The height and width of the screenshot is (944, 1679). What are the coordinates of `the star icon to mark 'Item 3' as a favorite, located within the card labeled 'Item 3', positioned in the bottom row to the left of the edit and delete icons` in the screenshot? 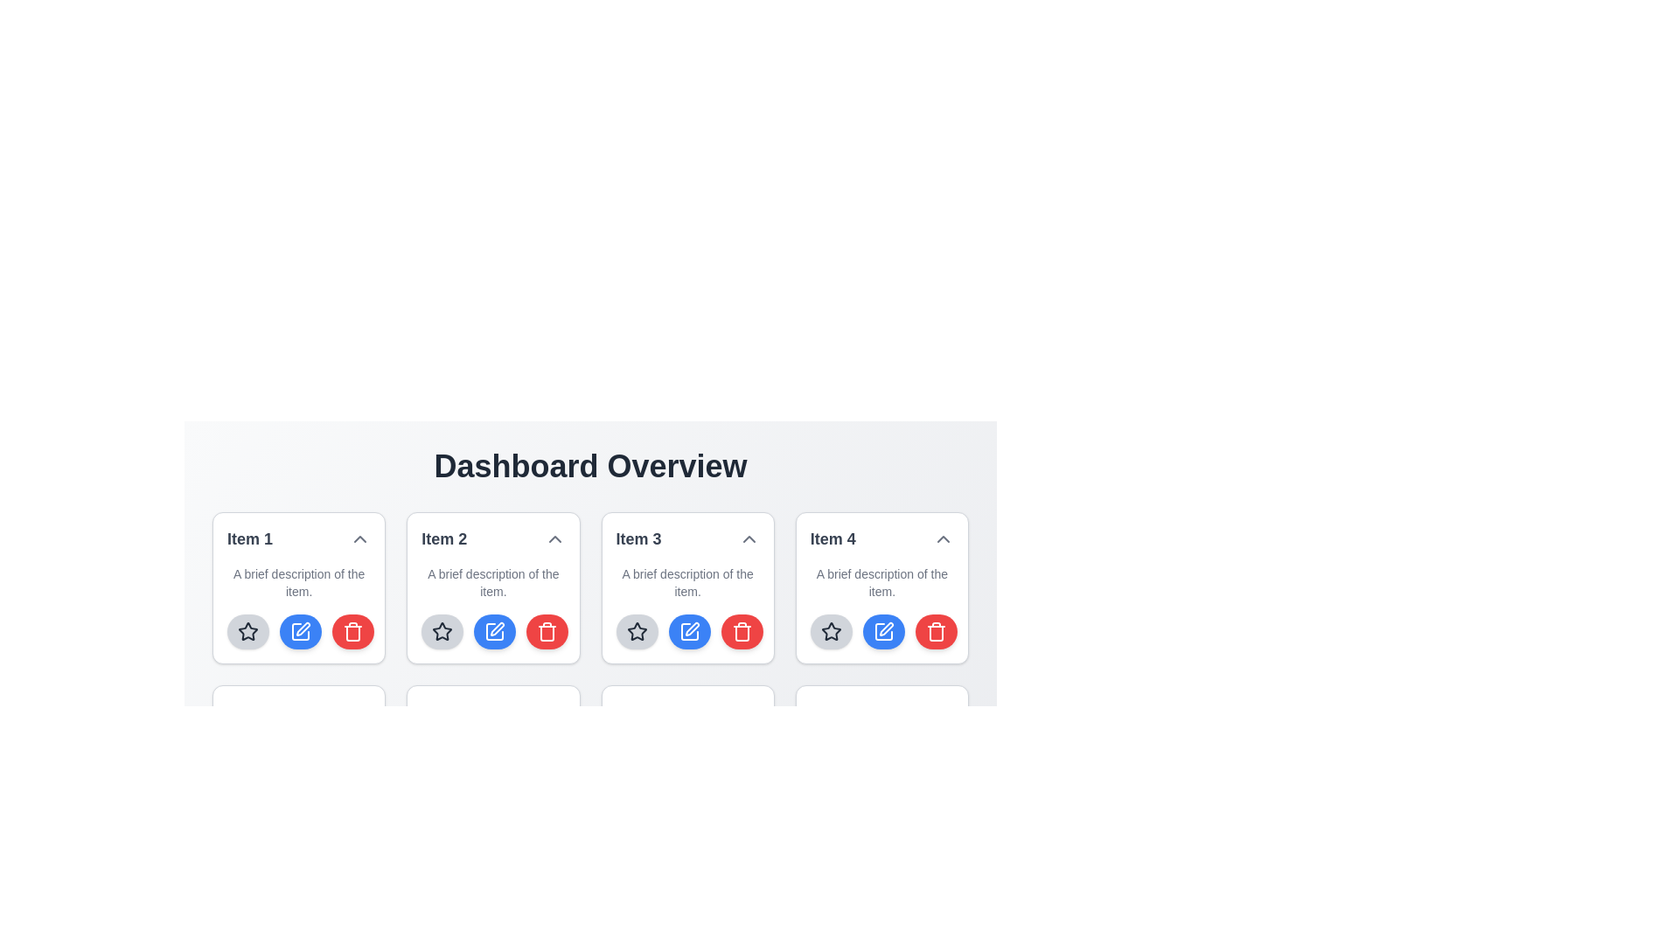 It's located at (636, 631).